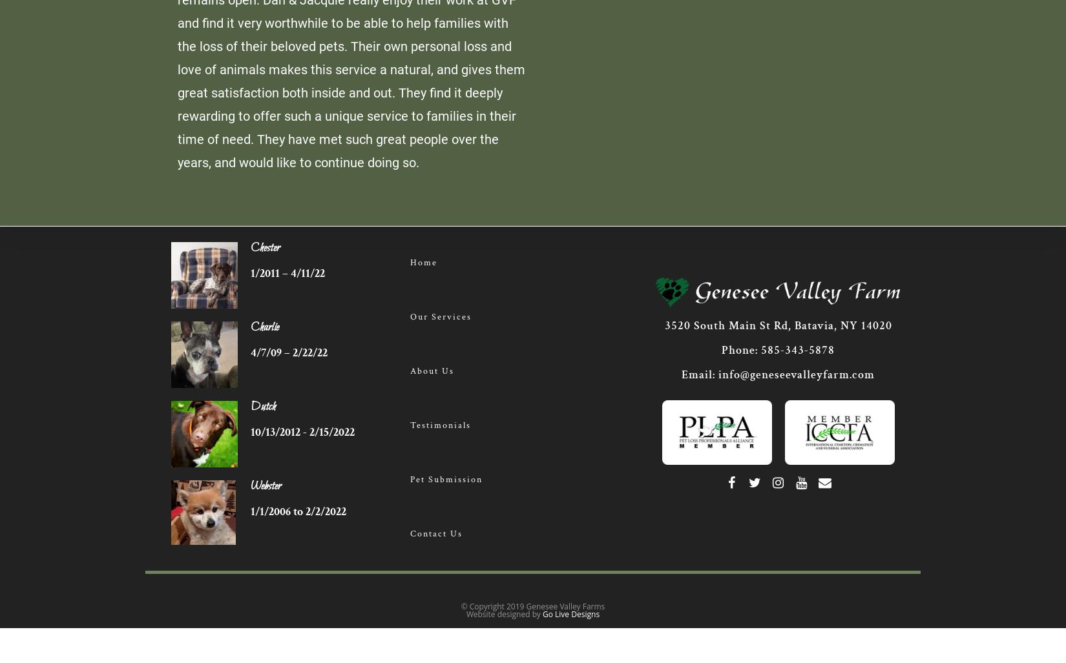  What do you see at coordinates (439, 425) in the screenshot?
I see `'Testimonials'` at bounding box center [439, 425].